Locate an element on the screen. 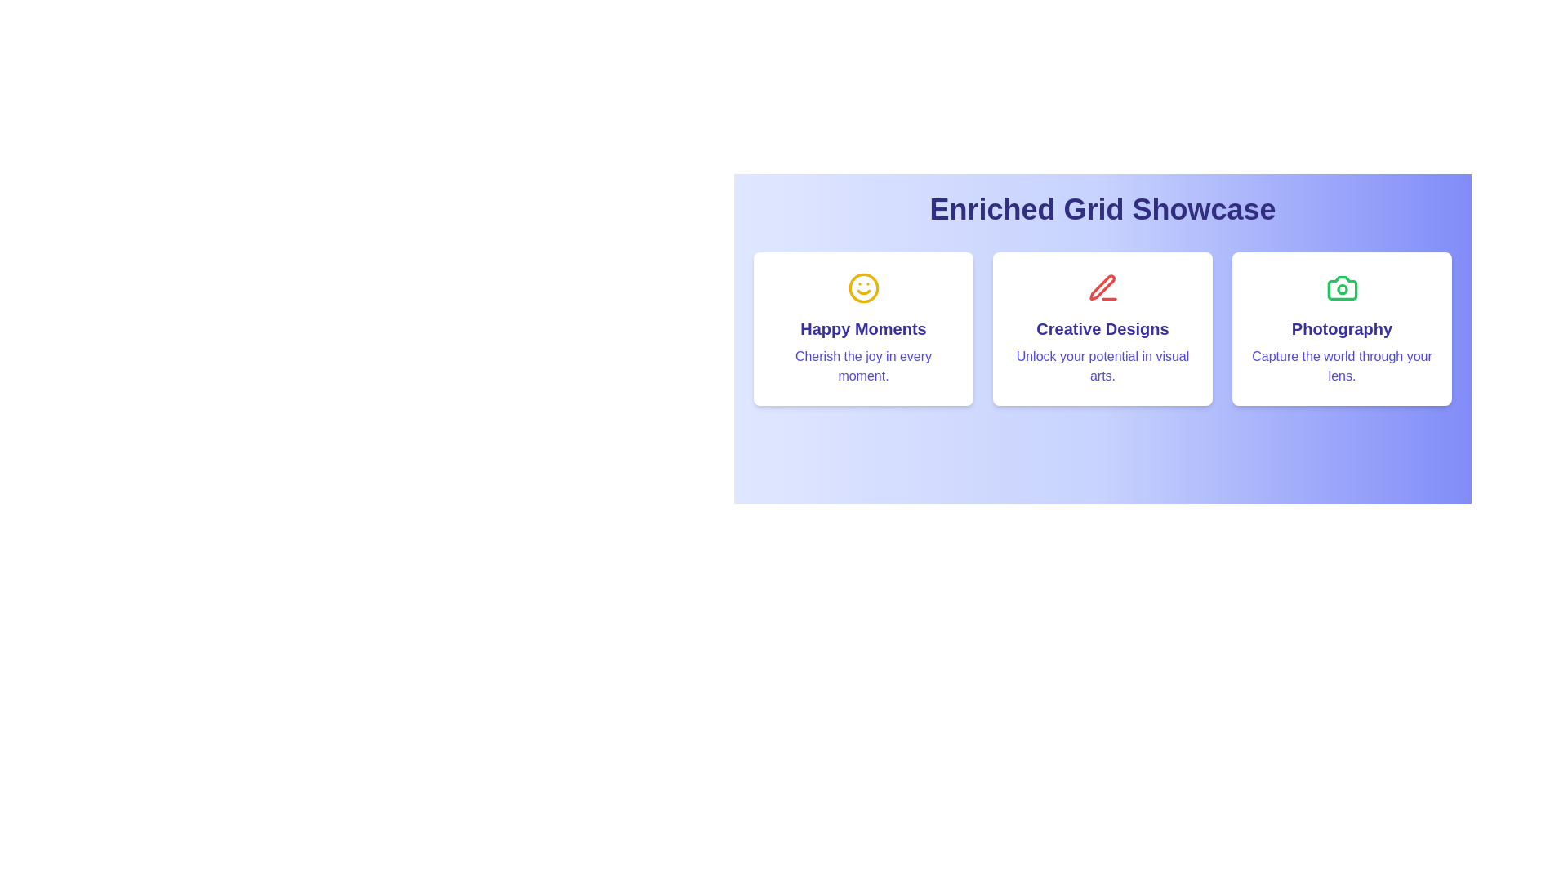 The image size is (1568, 882). the details of the Informative Card, which is the first card in a three-column grid layout, positioned to the left of the 'Creative Designs' and 'Photography' cards is located at coordinates (862, 328).